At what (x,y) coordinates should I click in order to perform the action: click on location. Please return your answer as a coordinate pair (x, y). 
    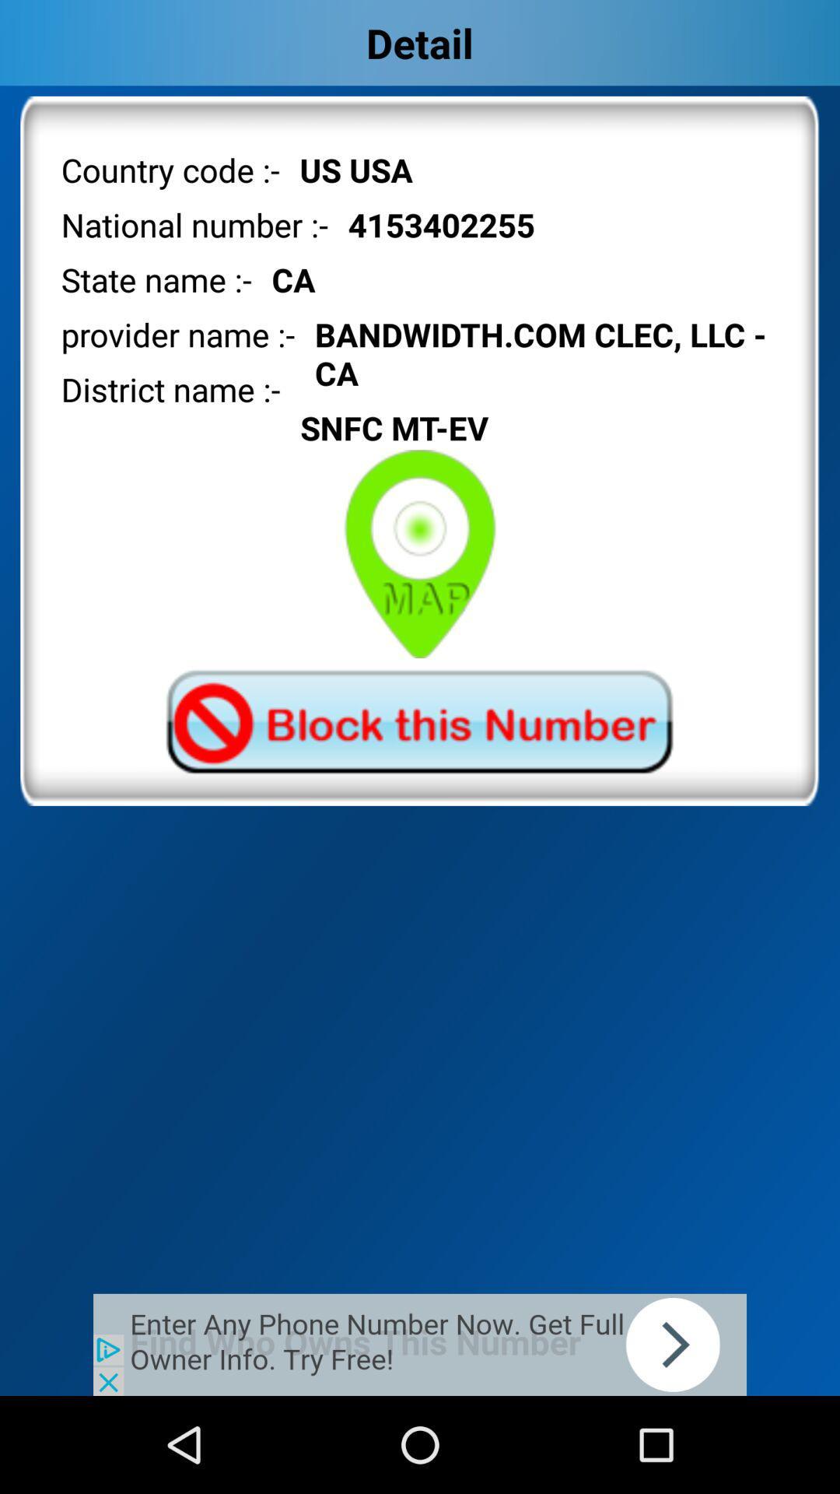
    Looking at the image, I should click on (420, 554).